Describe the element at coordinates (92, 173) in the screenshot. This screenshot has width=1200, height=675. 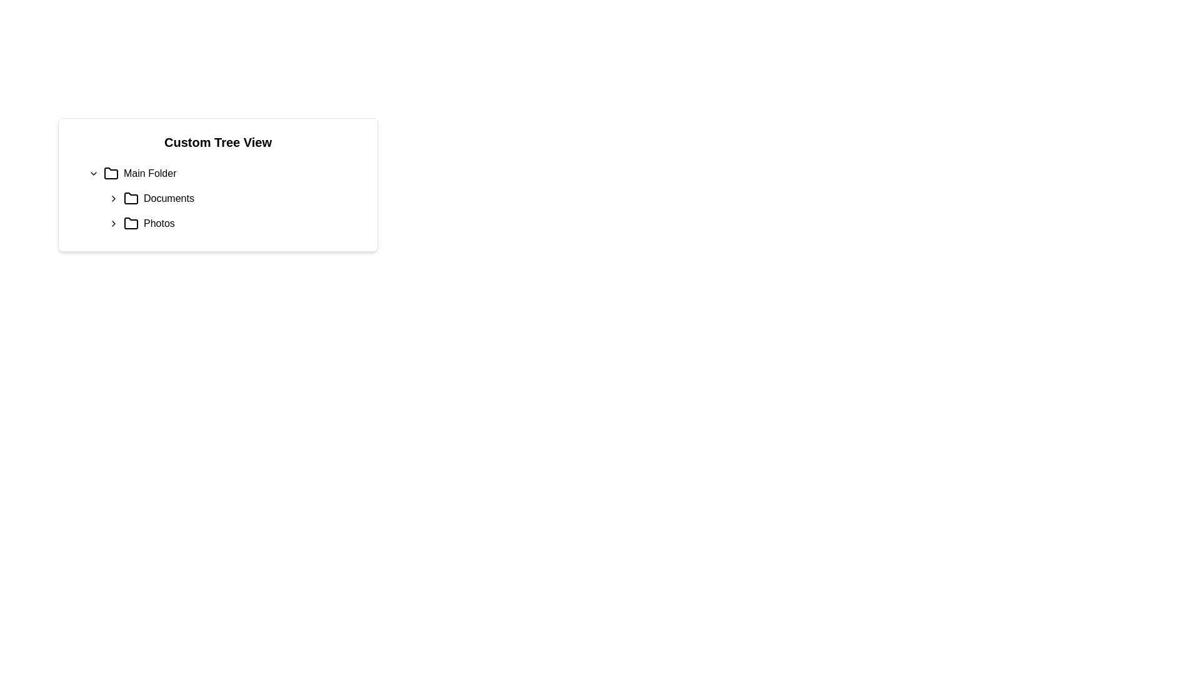
I see `the arrow icon` at that location.